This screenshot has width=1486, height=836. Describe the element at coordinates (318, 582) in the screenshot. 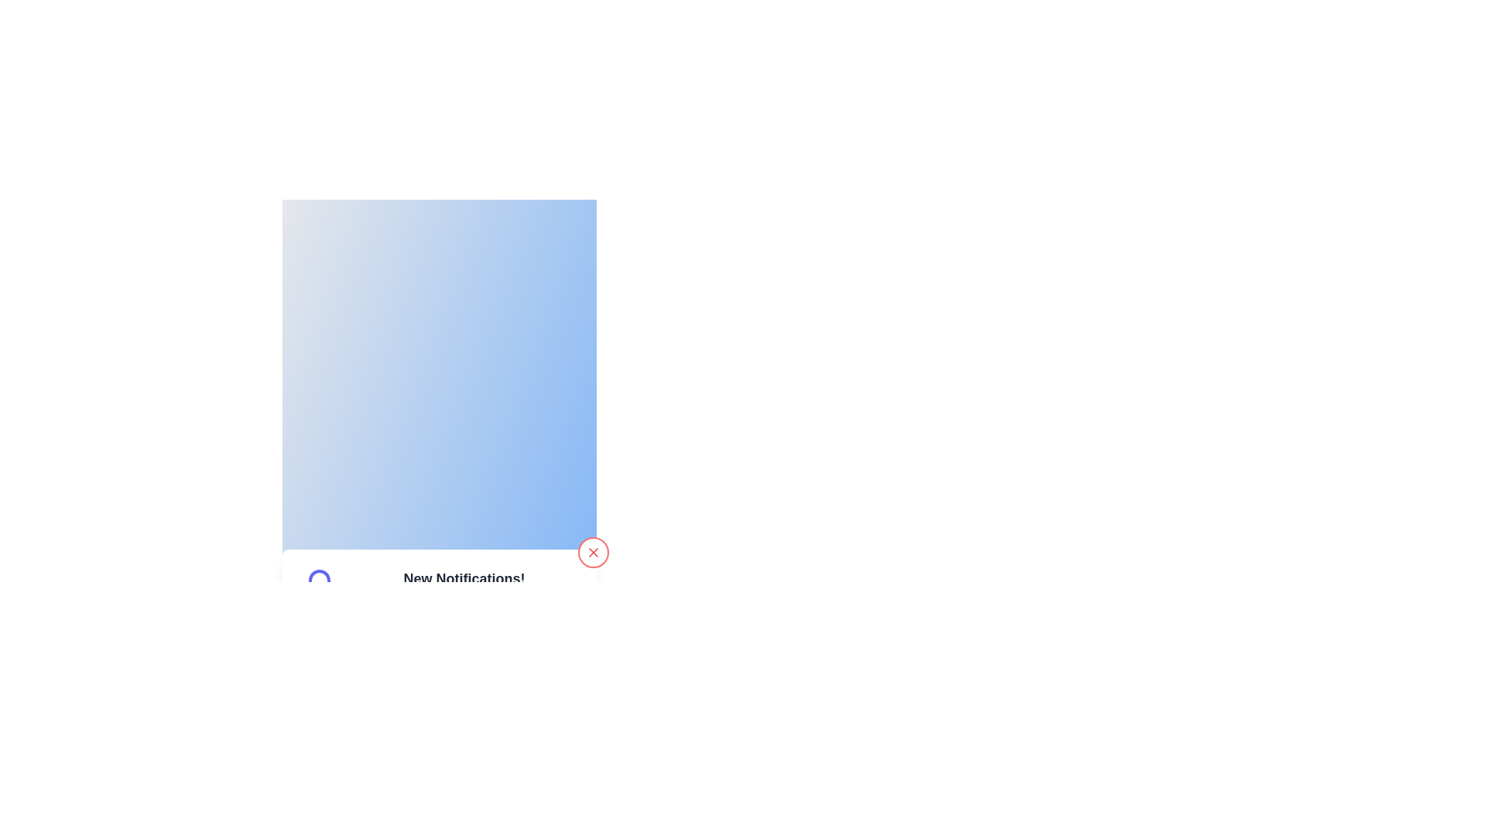

I see `the notification bell icon, which has a flared bell shape and a light blue-to-indigo gradient, located at the bottom-left corner of the interface` at that location.